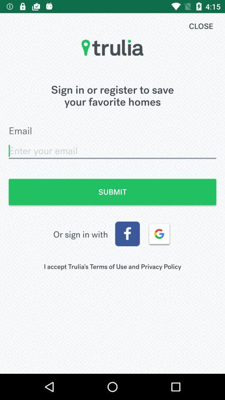 This screenshot has height=400, width=225. What do you see at coordinates (112, 150) in the screenshot?
I see `item below email` at bounding box center [112, 150].